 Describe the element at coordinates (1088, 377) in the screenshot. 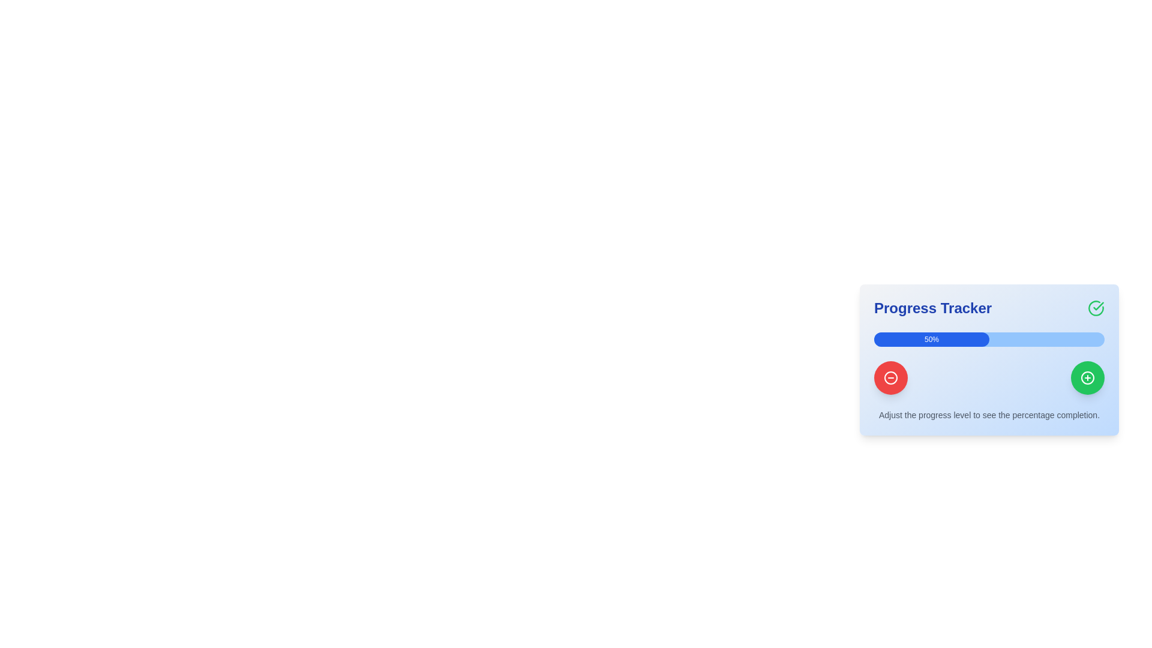

I see `the circular vector graphic with a green outline and white center, which is part of the '+' icon located at the bottom-right corner of the 'Progress Tracker' card` at that location.